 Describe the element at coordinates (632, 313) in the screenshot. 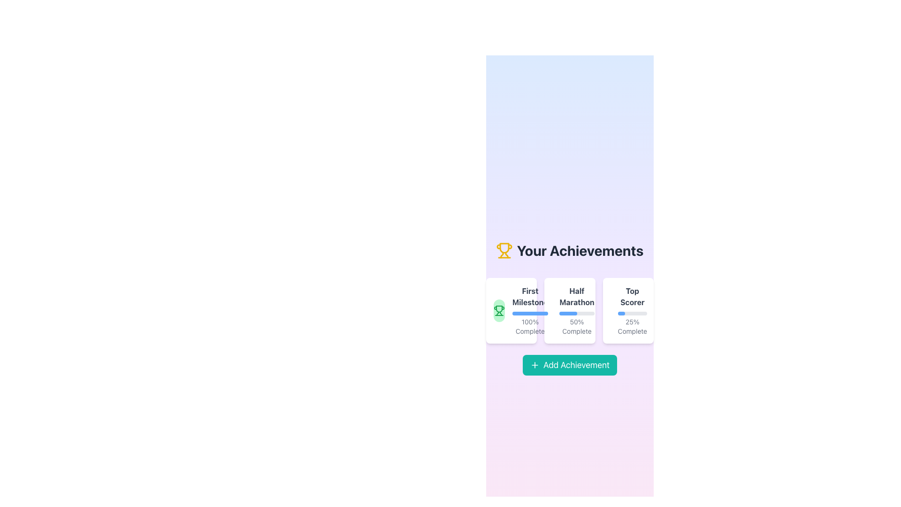

I see `the horizontal progress bar located below the text 'Top Scorer' and above '25% Complete' in the 'Your Achievements' section` at that location.